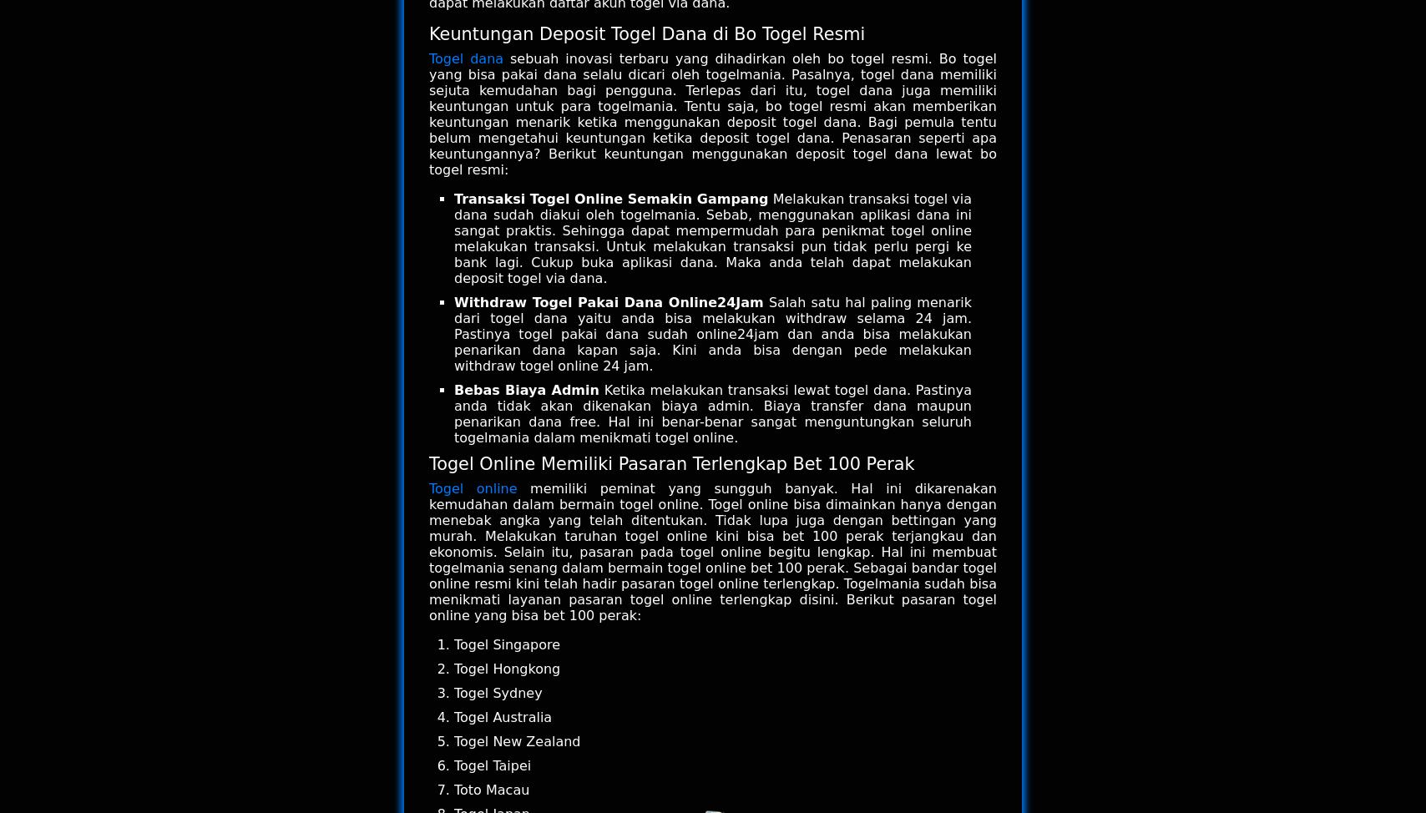 This screenshot has height=813, width=1426. Describe the element at coordinates (713, 552) in the screenshot. I see `'memiliki peminat yang sungguh banyak. Hal ini dikarenakan kemudahan dalam bermain togel online. Togel online bisa dimainkan hanya dengan menebak angka yang telah ditentukan. Tidak lupa juga dengan bettingan yang murah. Melakukan taruhan togel online kini bisa bet 100 perak terjangkau dan ekonomis. Selain itu, pasaran pada togel online begitu lengkap. Hal ini membuat togelmania senang dalam bermain togel online bet 100 perak. Sebagai bandar togel online resmi kini telah hadir pasaran togel online terlengkap. Togelmania sudah bisa menikmati layanan pasaran togel online terlengkap disini. Berikut pasaran togel online yang bisa bet 100 perak:'` at that location.